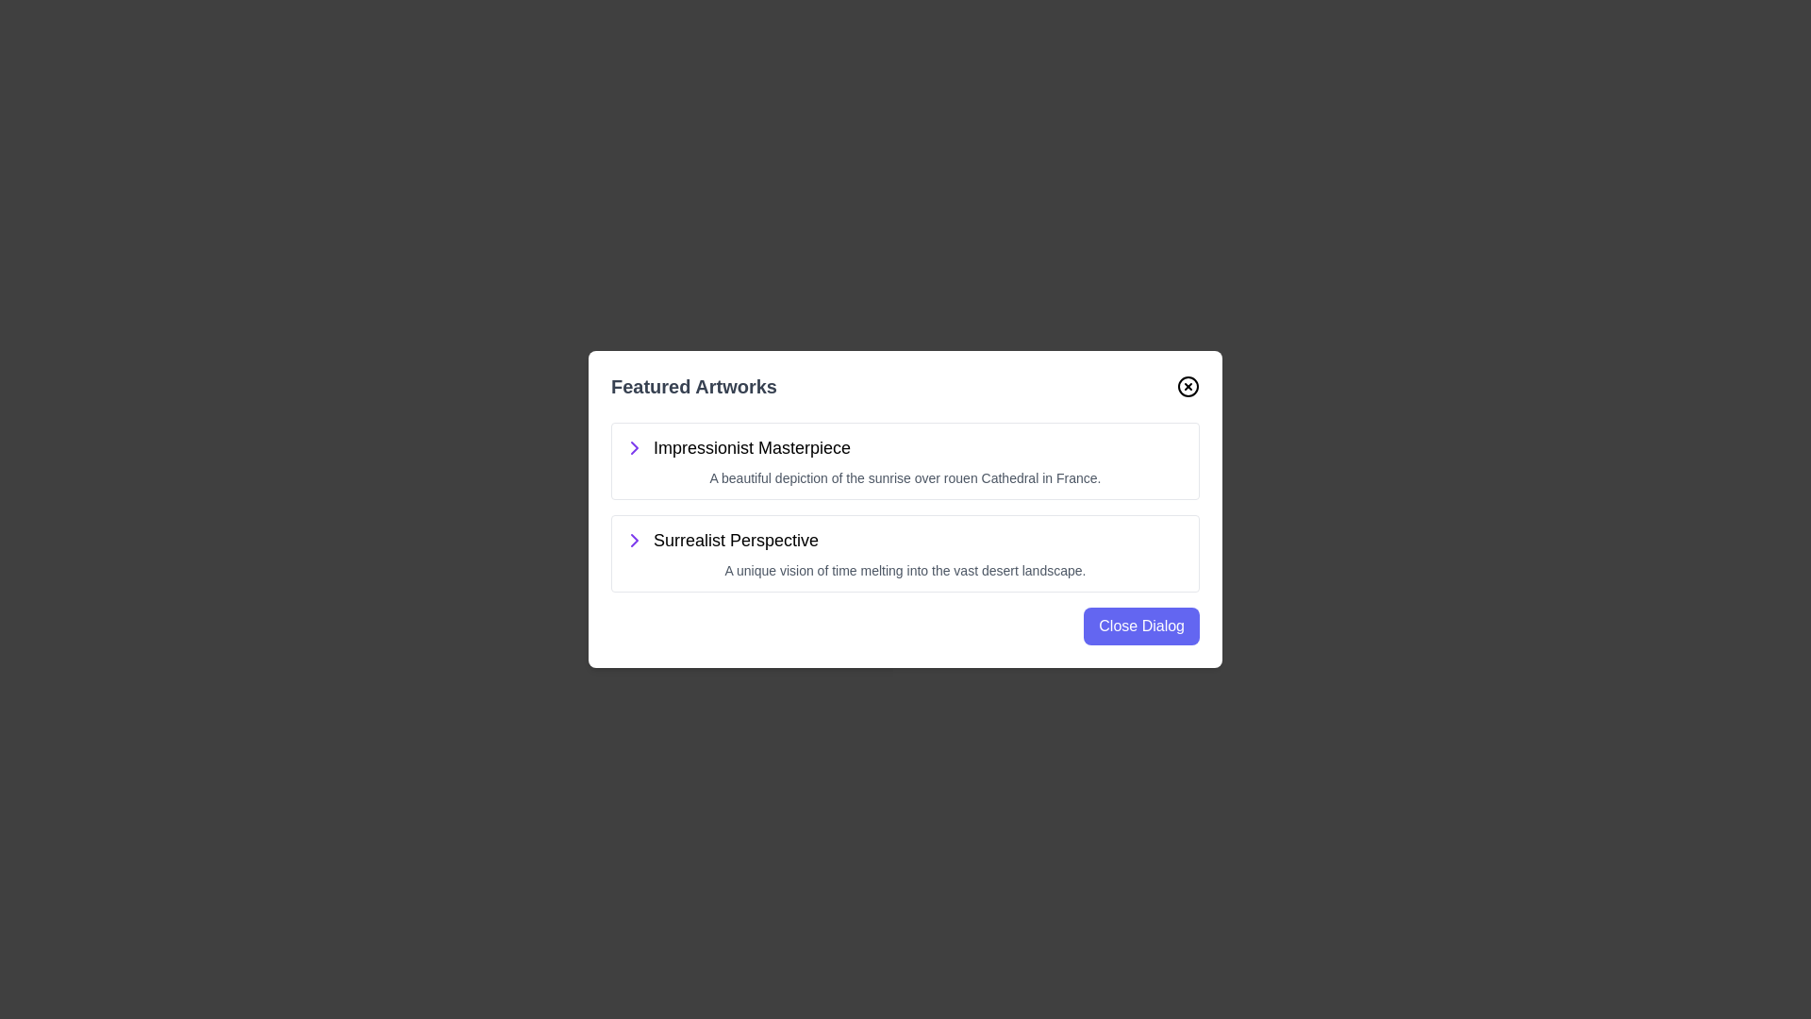  Describe the element at coordinates (1140, 626) in the screenshot. I see `the 'Close Dialog' button to close the dialog` at that location.